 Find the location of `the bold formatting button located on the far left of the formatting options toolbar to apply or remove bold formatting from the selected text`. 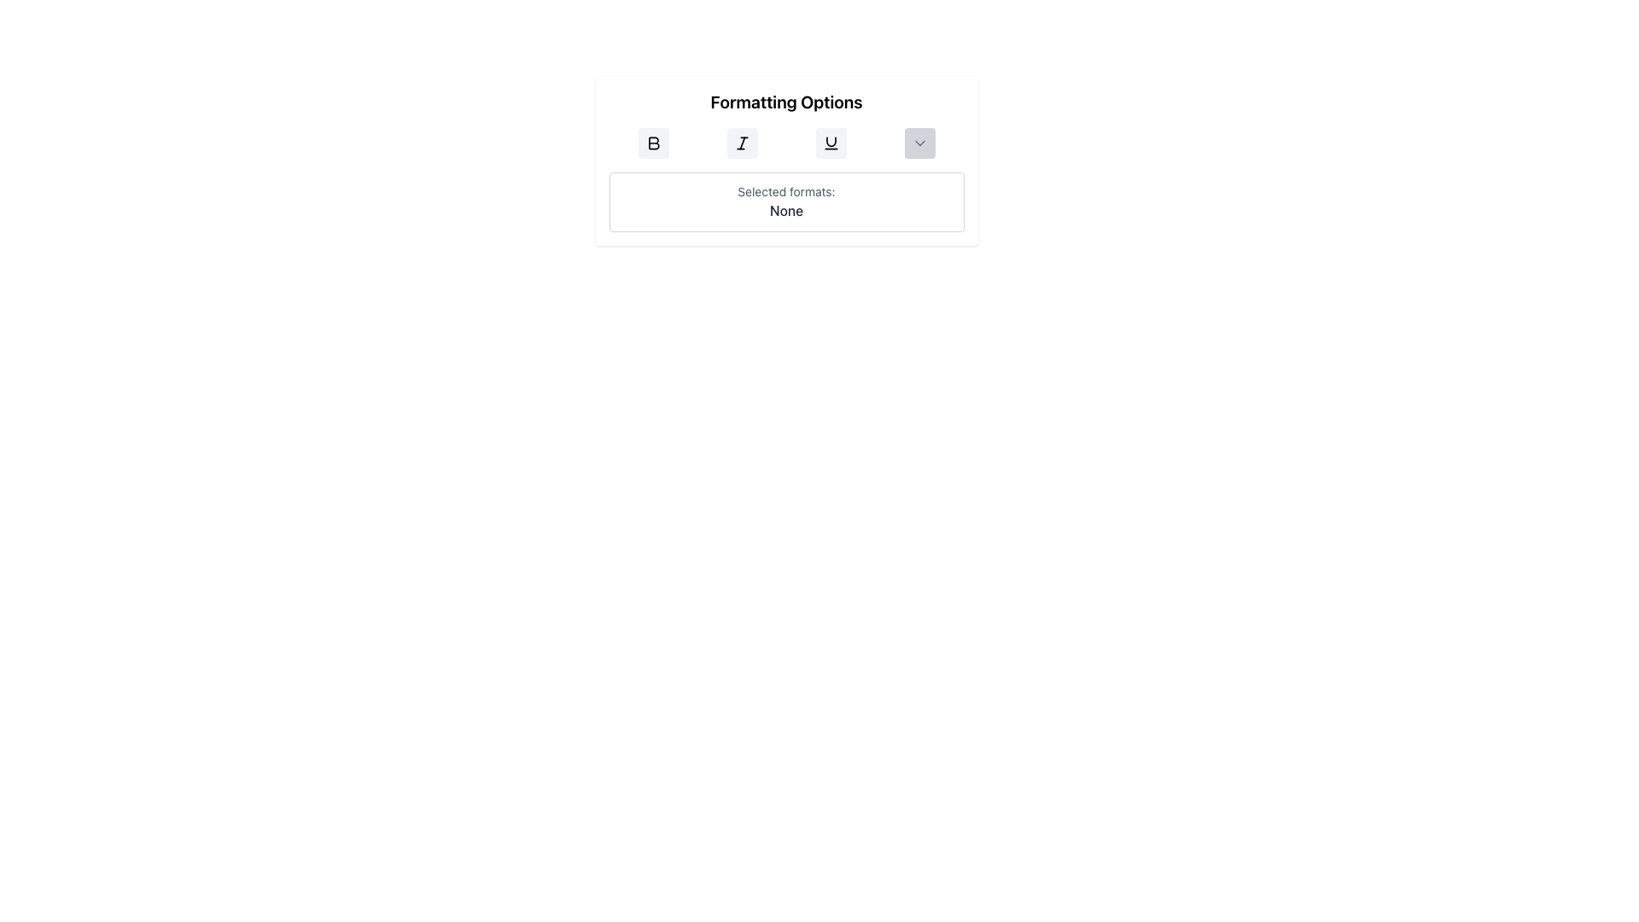

the bold formatting button located on the far left of the formatting options toolbar to apply or remove bold formatting from the selected text is located at coordinates (652, 143).